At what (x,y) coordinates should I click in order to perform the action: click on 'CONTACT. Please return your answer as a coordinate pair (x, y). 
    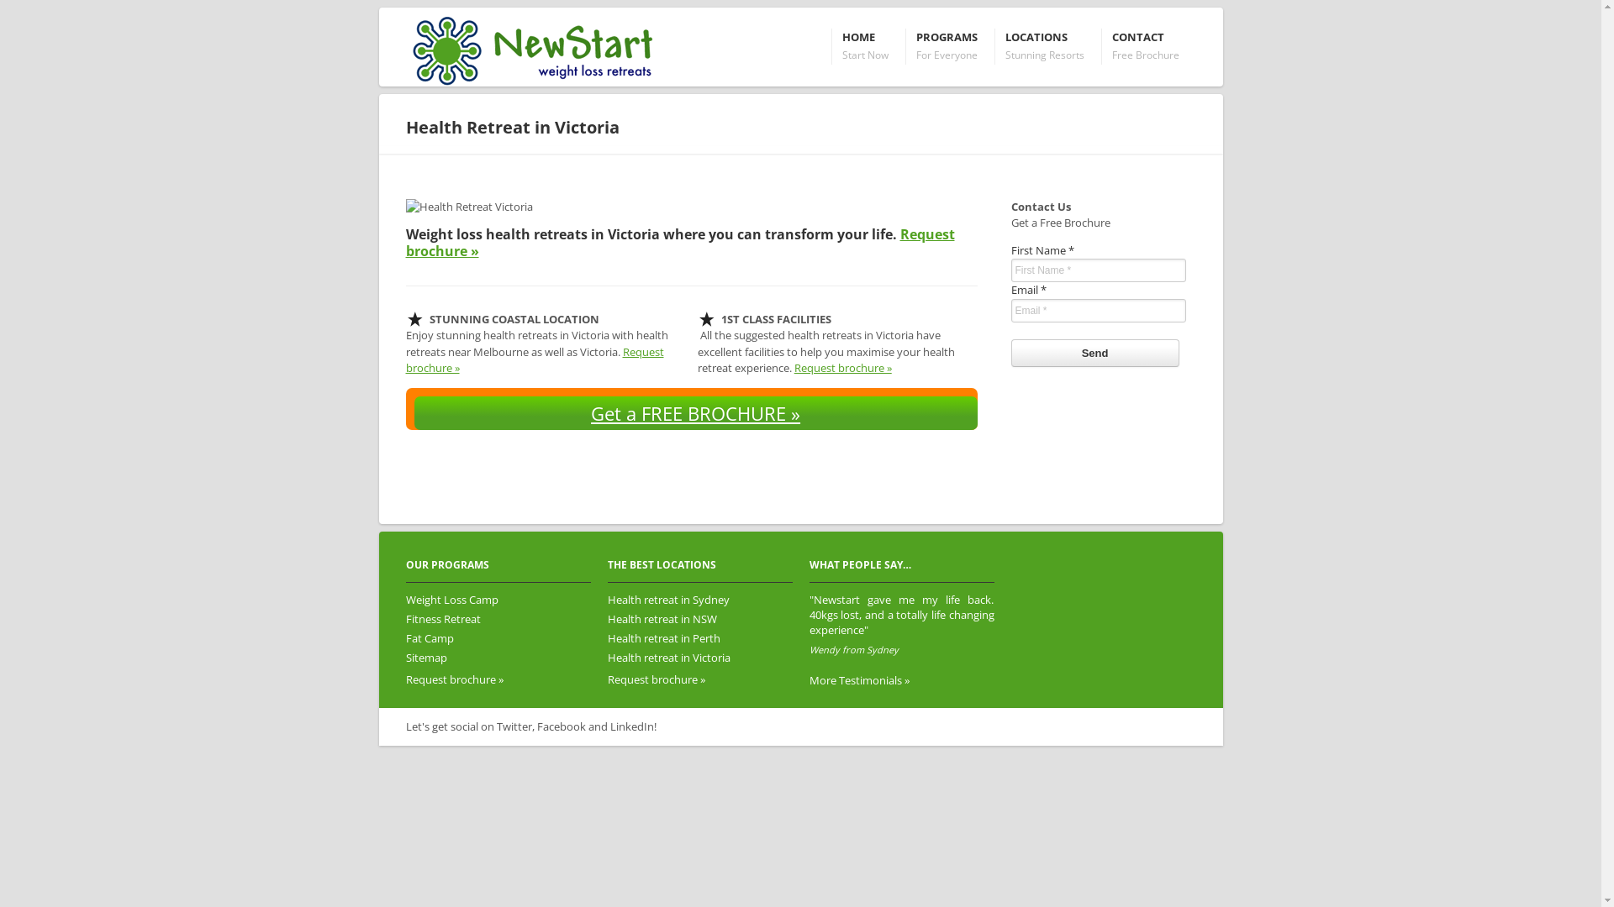
    Looking at the image, I should click on (1145, 45).